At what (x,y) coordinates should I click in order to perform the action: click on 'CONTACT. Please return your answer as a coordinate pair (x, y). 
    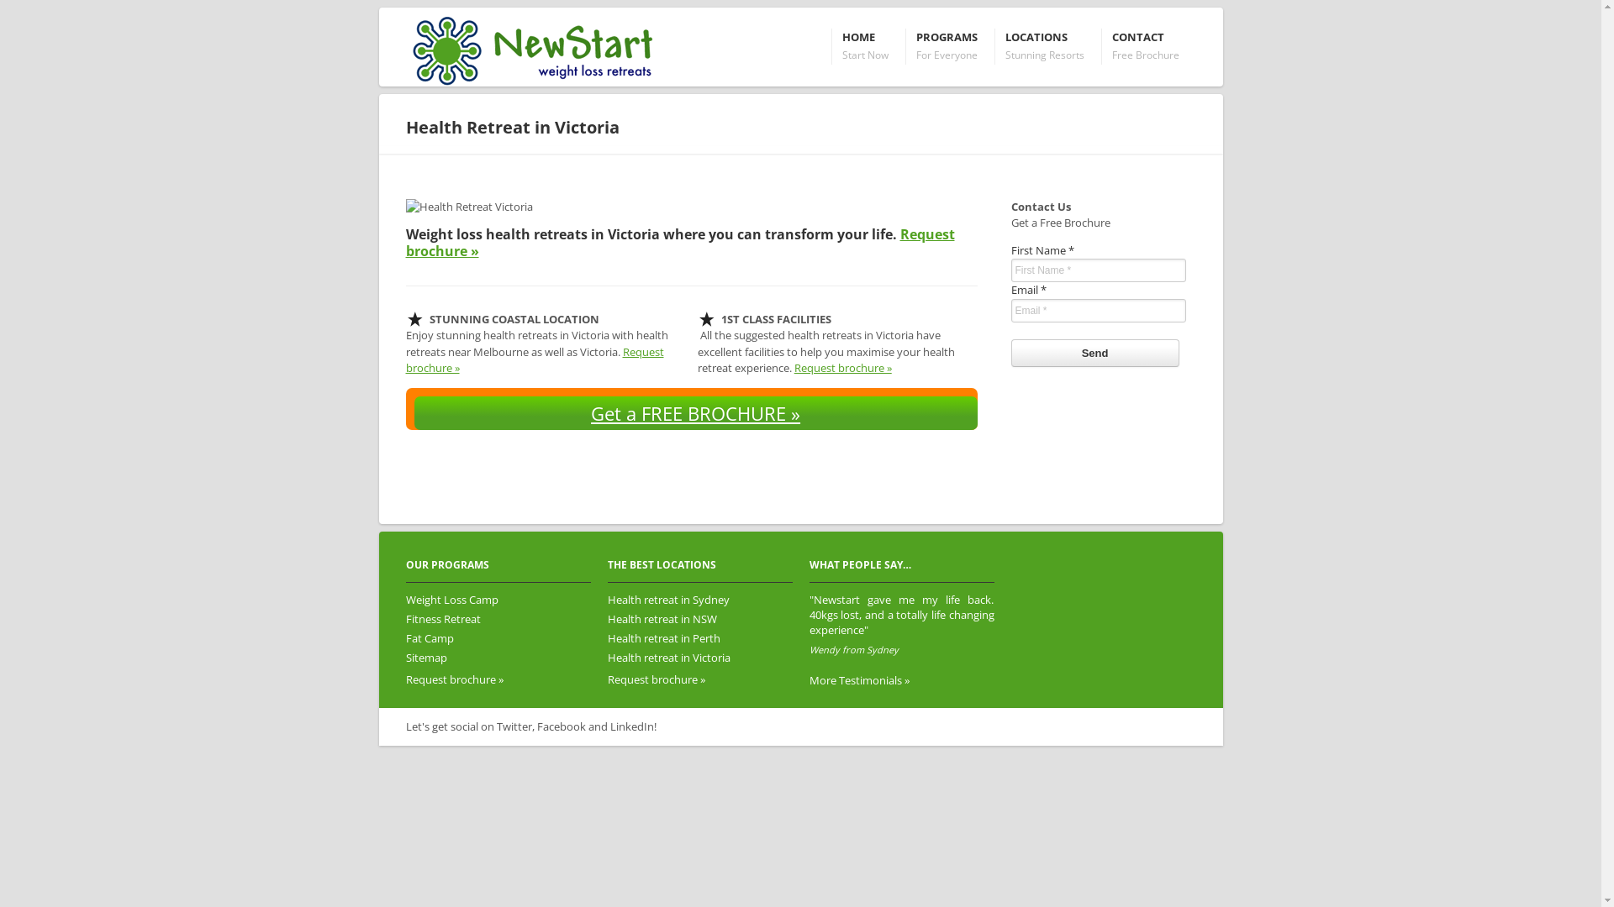
    Looking at the image, I should click on (1145, 45).